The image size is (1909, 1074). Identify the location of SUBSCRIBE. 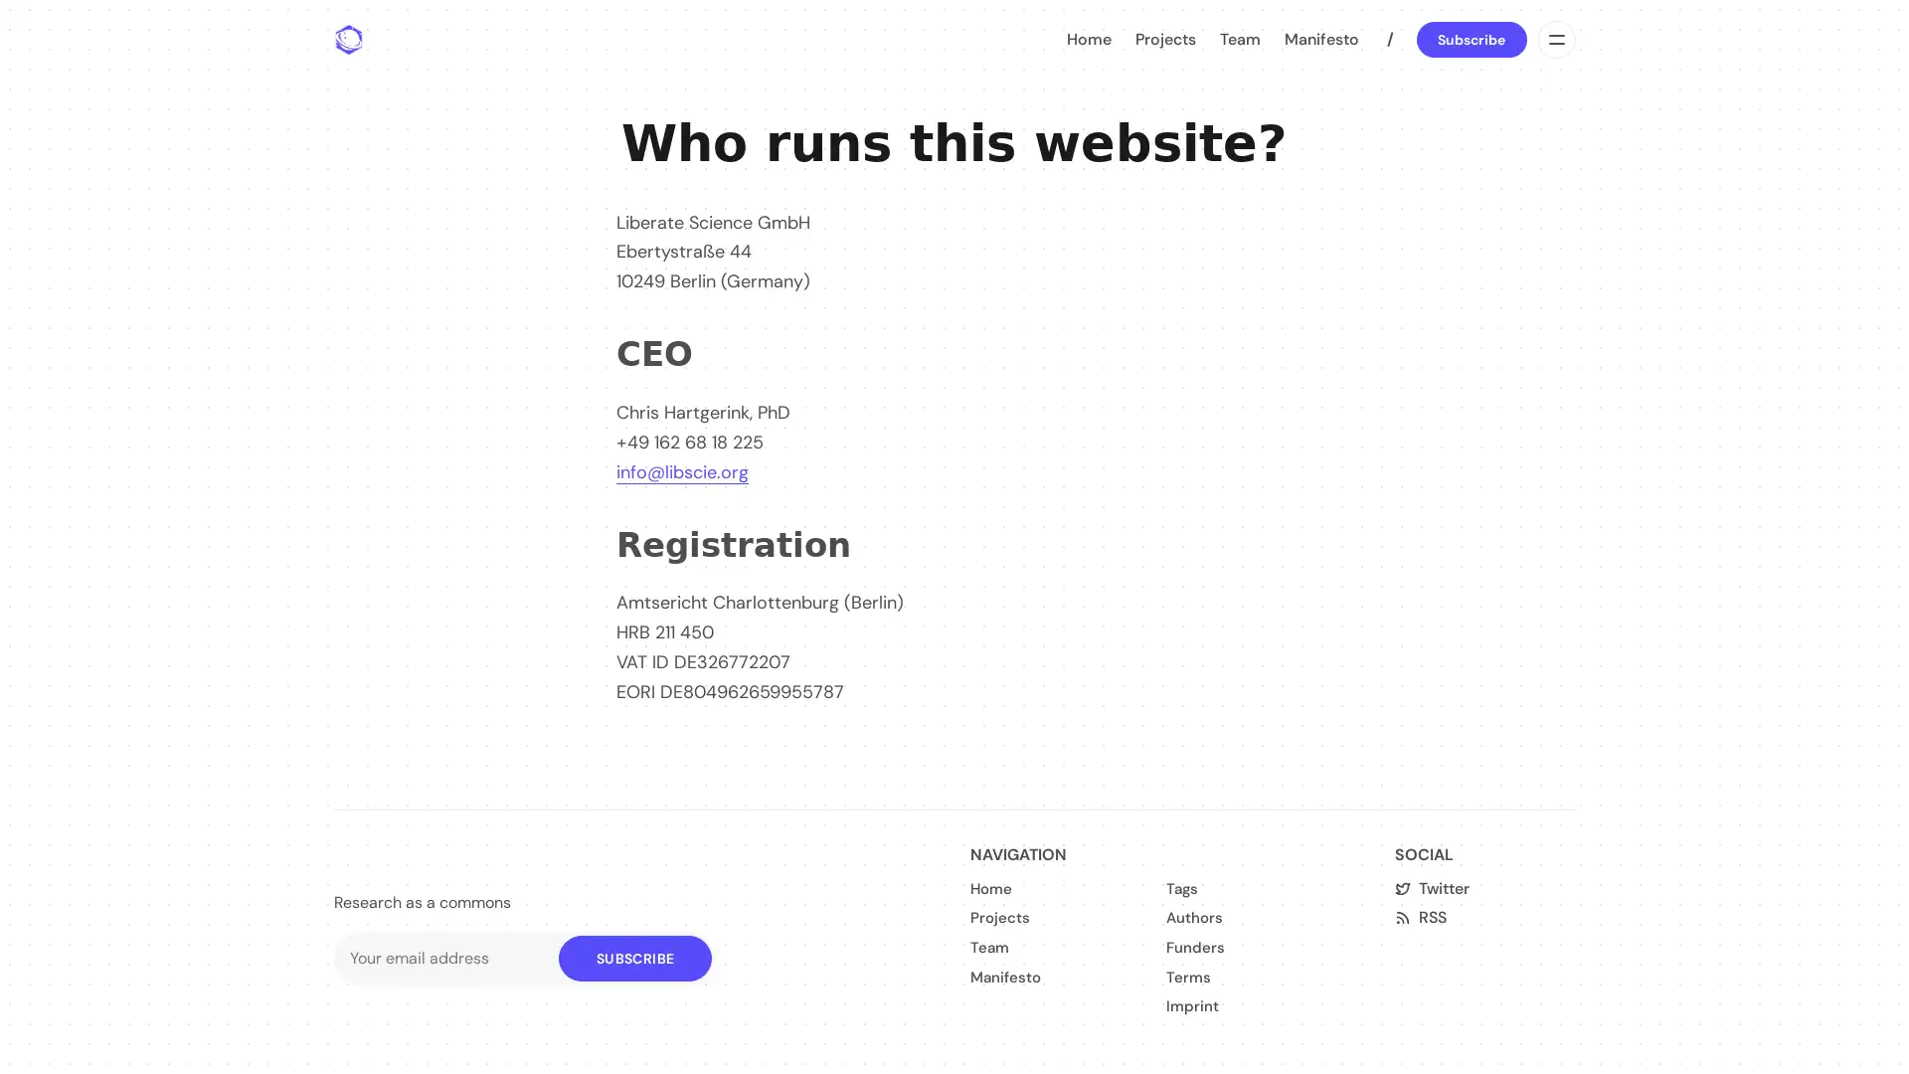
(633, 957).